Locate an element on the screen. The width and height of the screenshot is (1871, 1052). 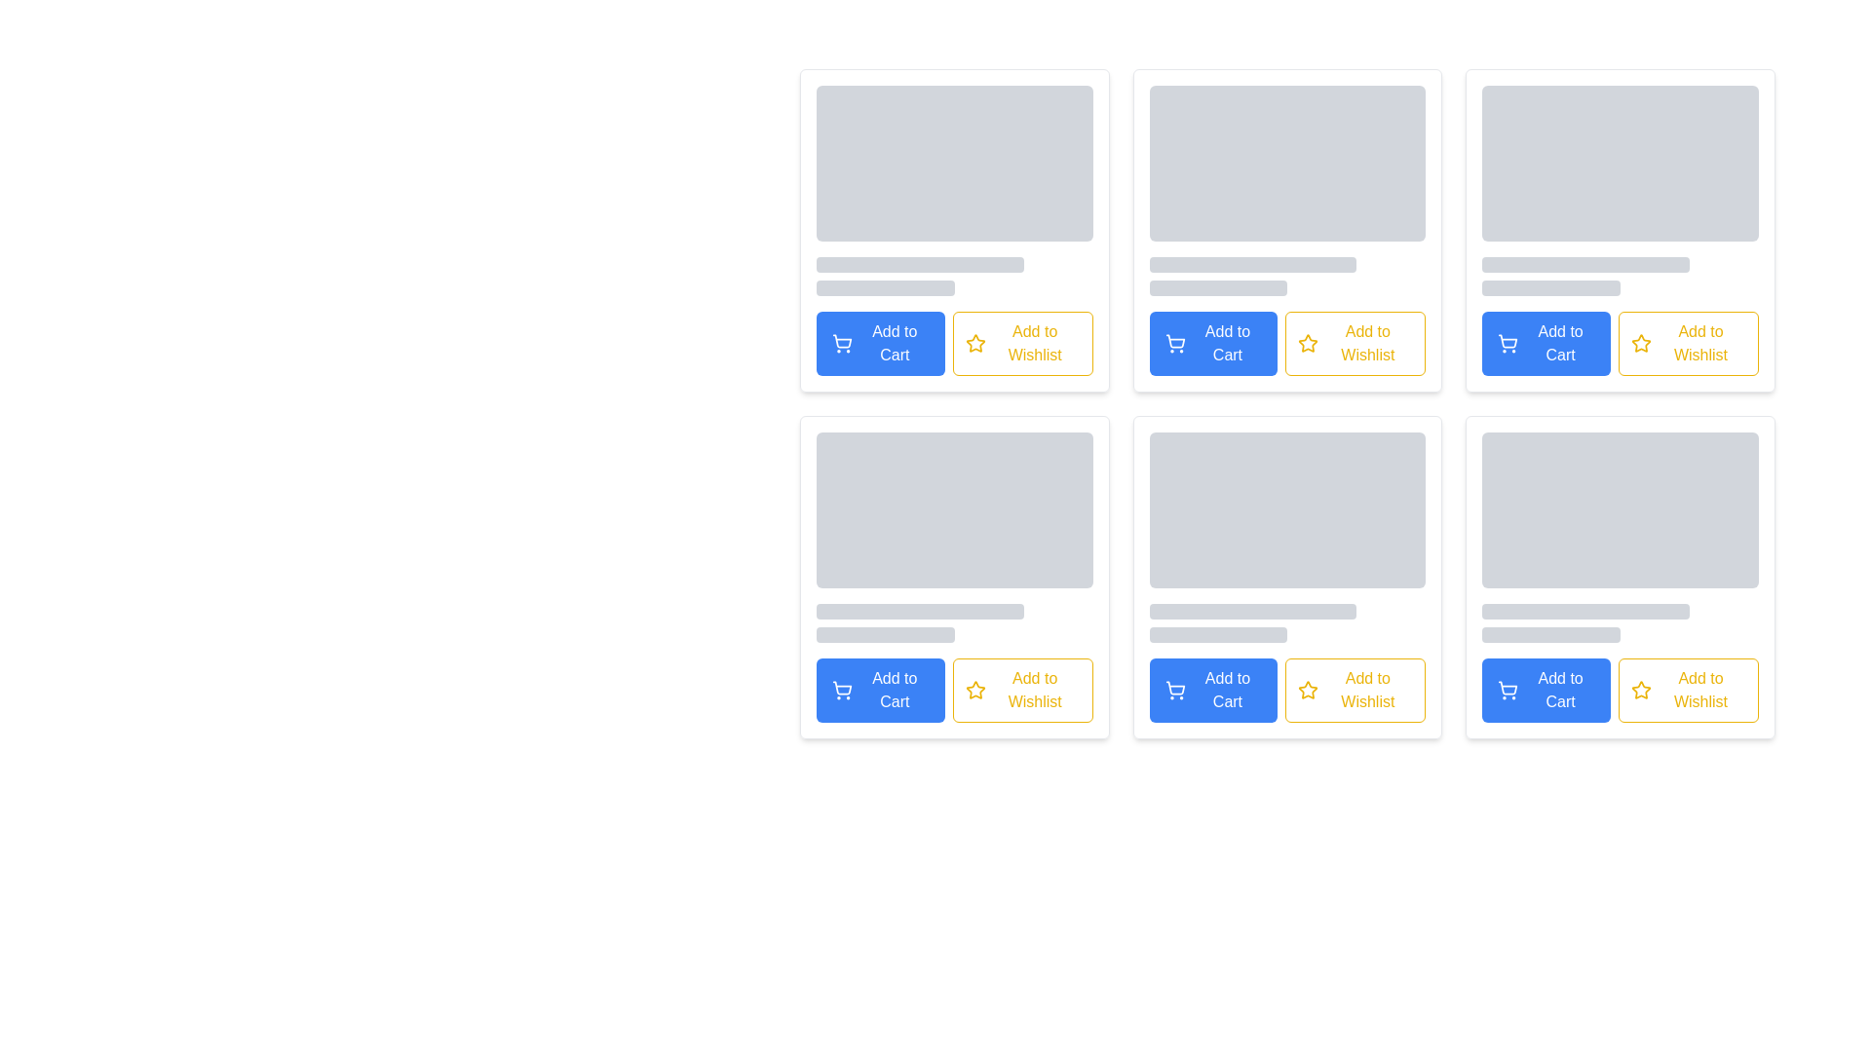
the left button in the first card of the first row in a grid layout is located at coordinates (879, 343).